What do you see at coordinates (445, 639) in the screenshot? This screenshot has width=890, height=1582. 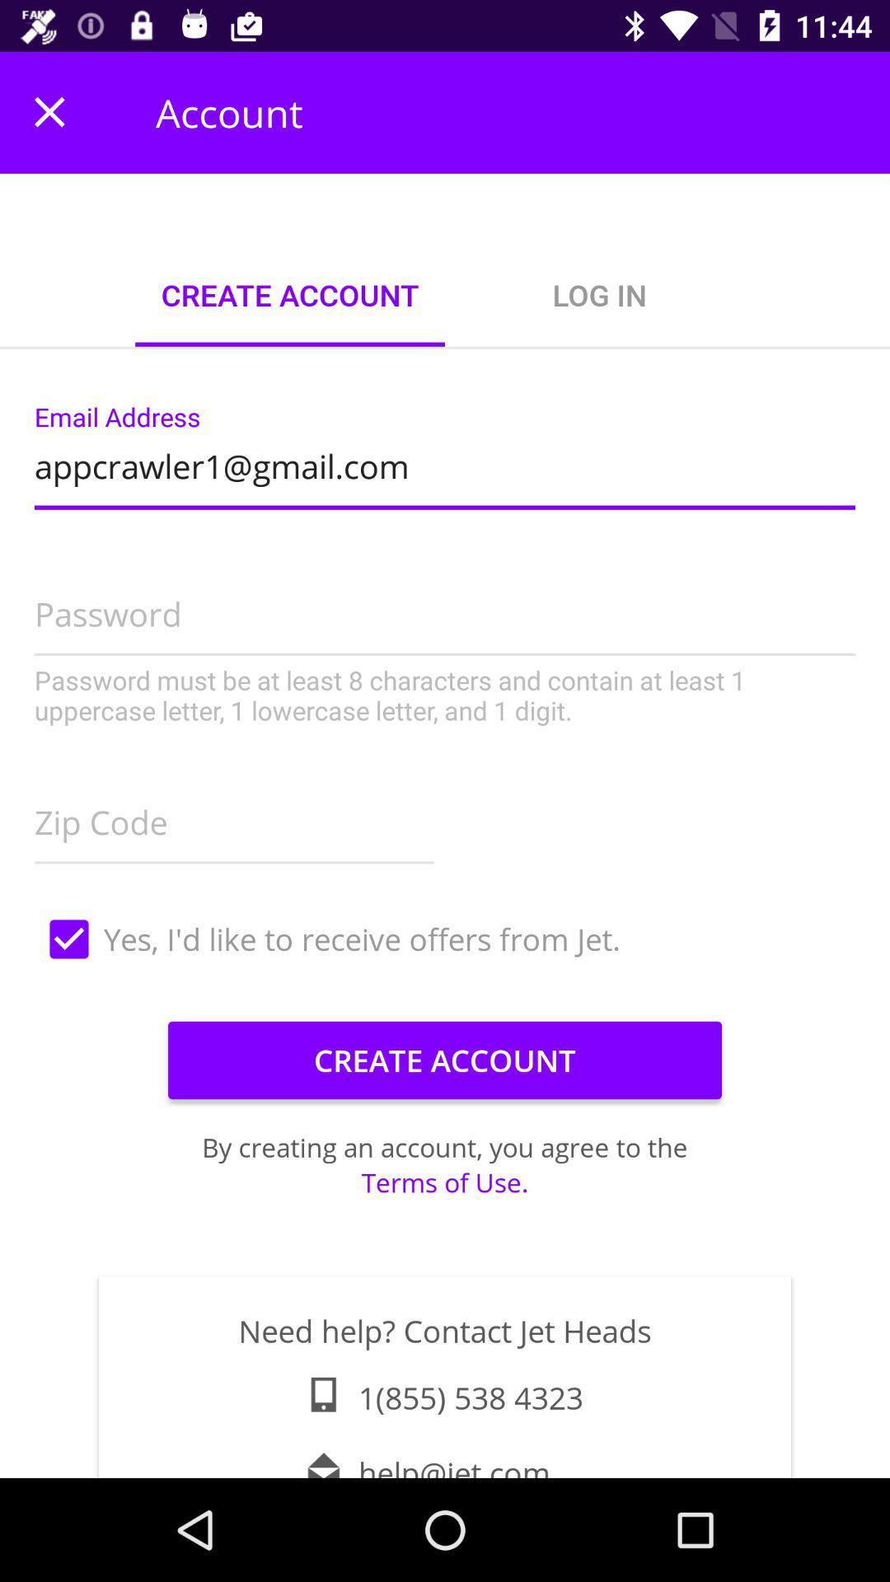 I see `the item below the appcrawler1@gmail.com item` at bounding box center [445, 639].